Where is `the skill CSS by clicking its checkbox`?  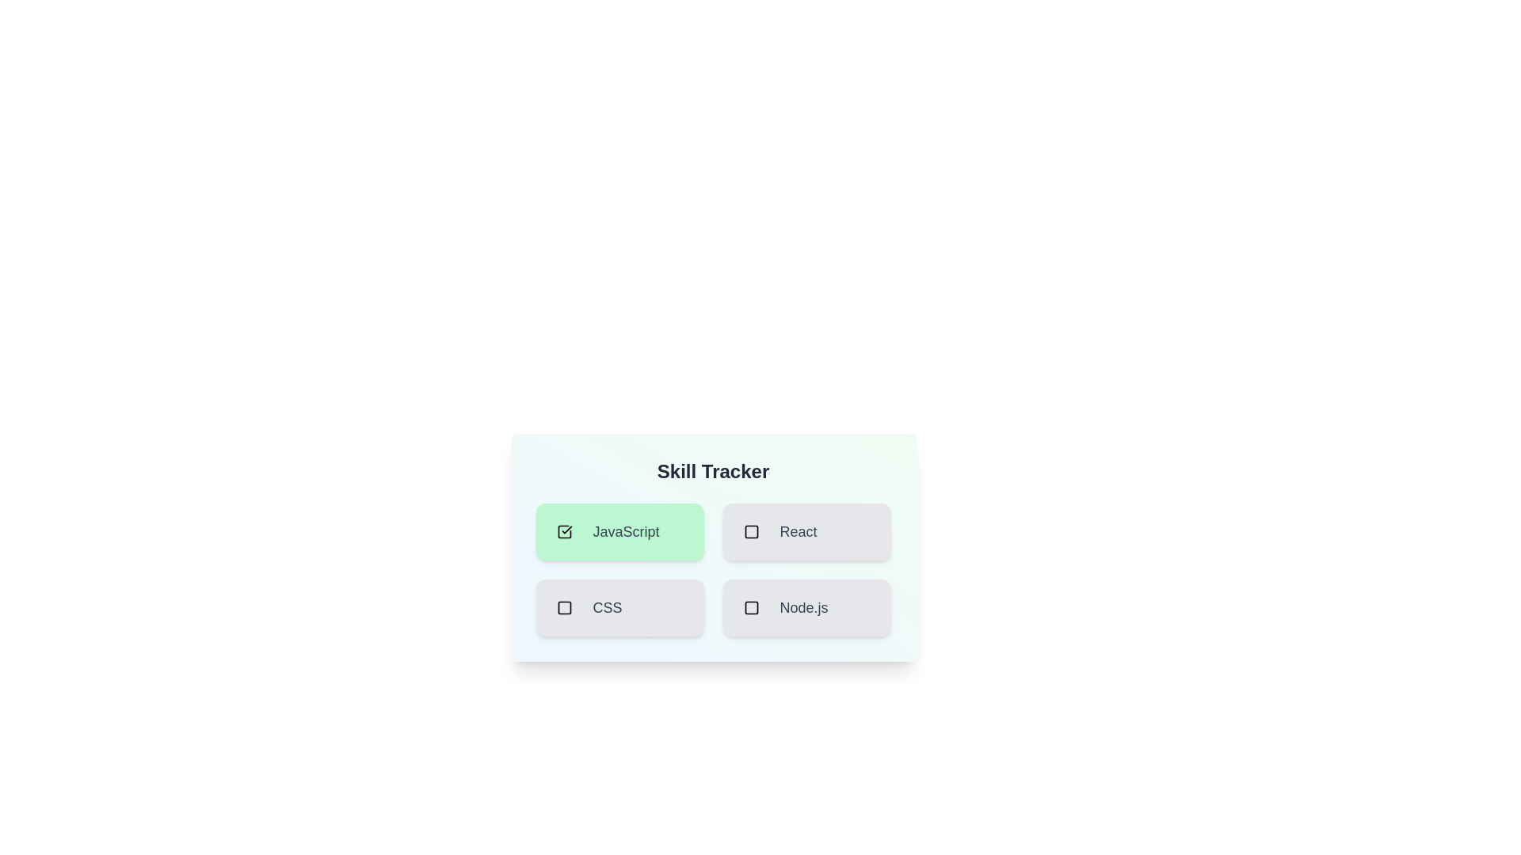
the skill CSS by clicking its checkbox is located at coordinates (564, 606).